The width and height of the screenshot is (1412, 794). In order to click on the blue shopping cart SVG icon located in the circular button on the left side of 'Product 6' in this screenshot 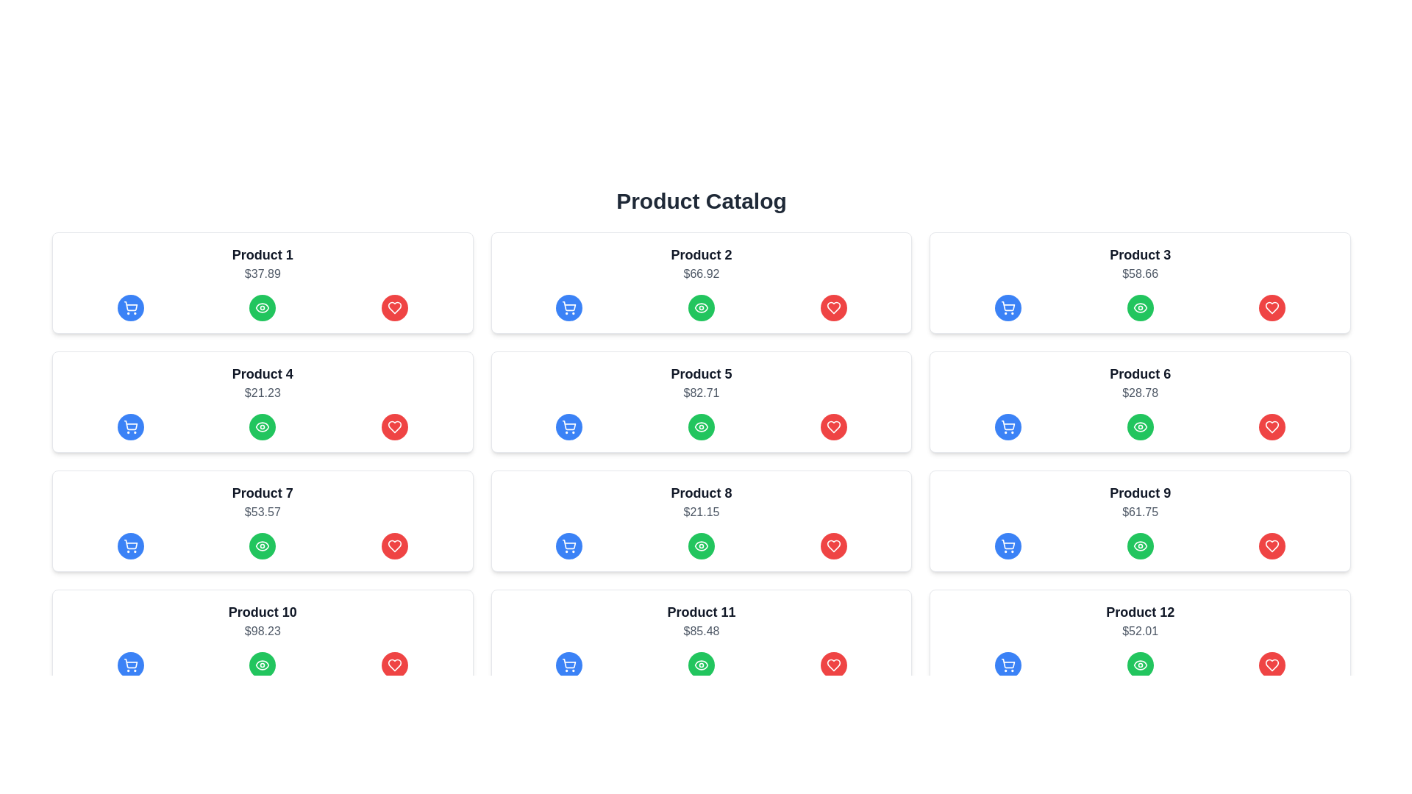, I will do `click(1008, 427)`.